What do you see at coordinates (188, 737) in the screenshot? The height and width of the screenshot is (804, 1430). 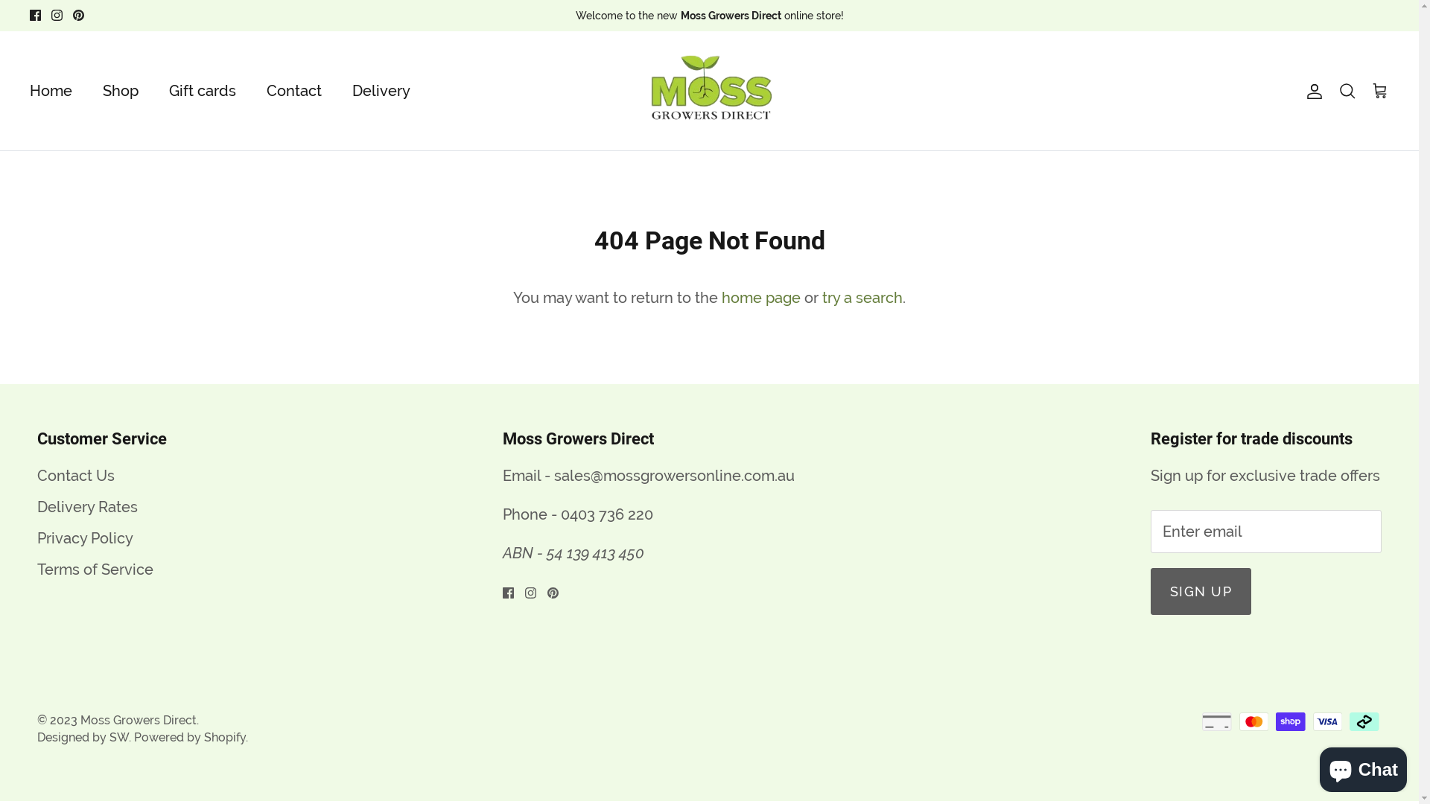 I see `'Powered by Shopify'` at bounding box center [188, 737].